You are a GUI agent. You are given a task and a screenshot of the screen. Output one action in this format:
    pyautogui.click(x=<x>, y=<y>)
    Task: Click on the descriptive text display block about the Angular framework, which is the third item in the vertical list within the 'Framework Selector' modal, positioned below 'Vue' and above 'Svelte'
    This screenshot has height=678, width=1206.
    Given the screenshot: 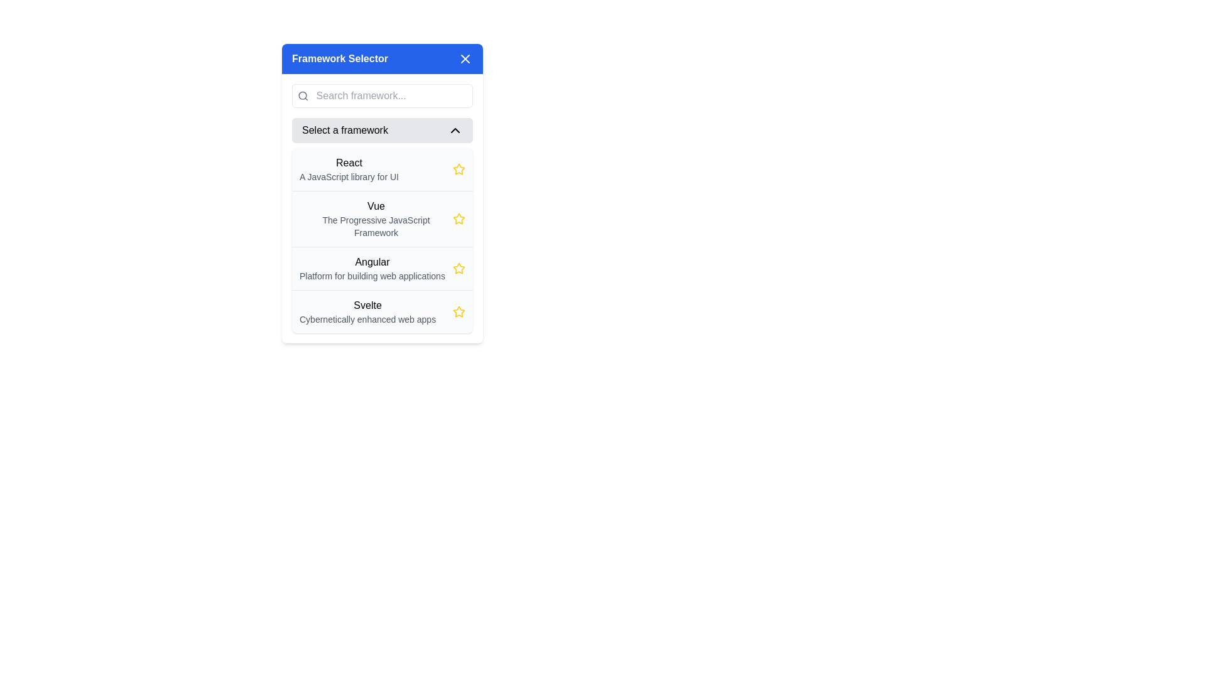 What is the action you would take?
    pyautogui.click(x=371, y=268)
    